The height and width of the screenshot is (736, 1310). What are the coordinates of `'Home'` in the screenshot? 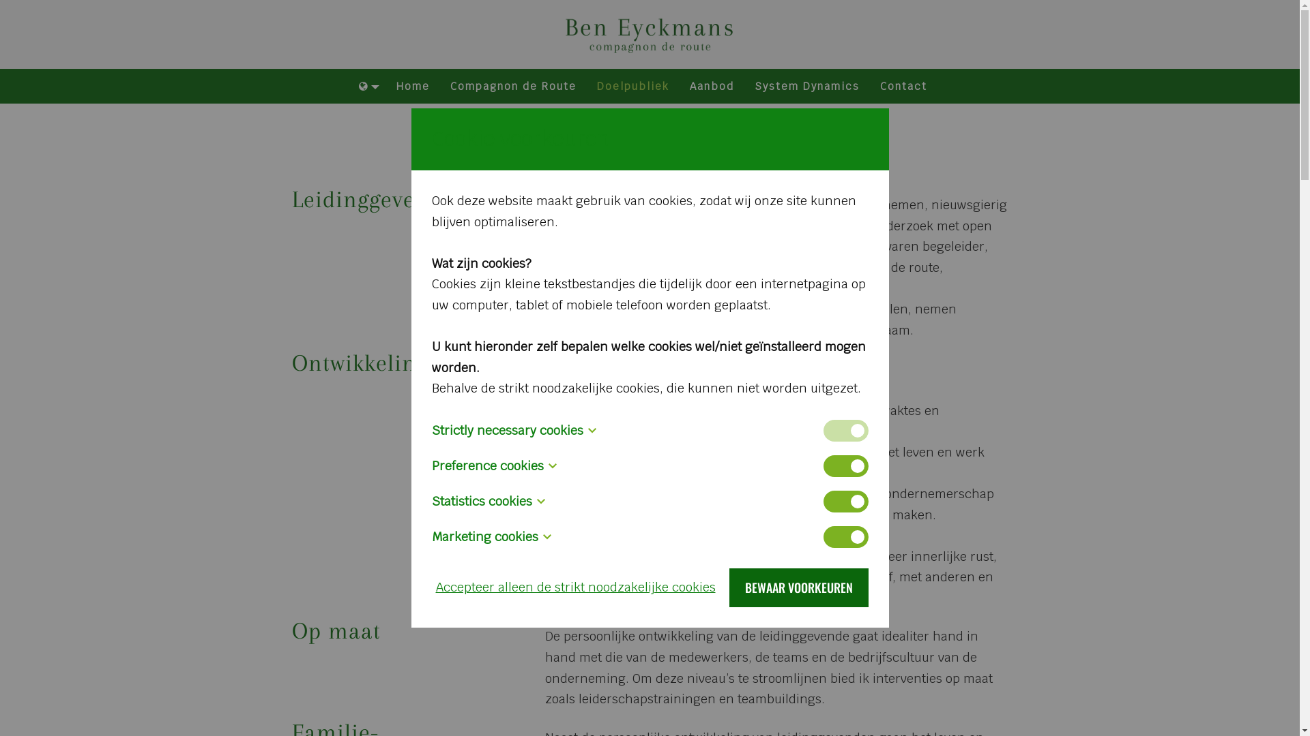 It's located at (412, 87).